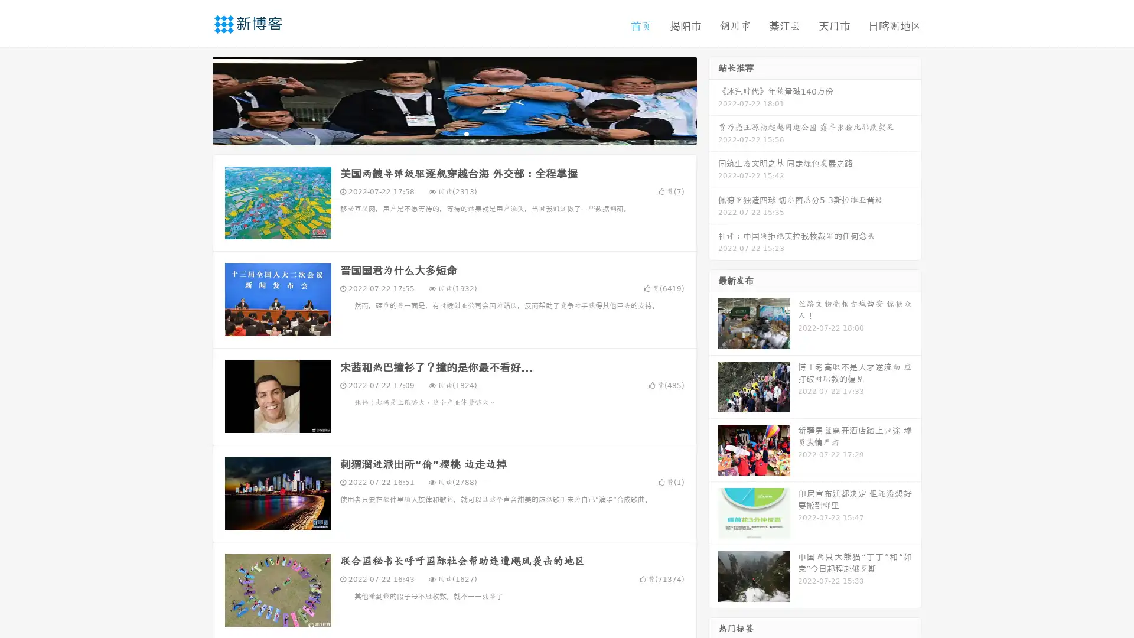 This screenshot has height=638, width=1134. I want to click on Go to slide 2, so click(454, 133).